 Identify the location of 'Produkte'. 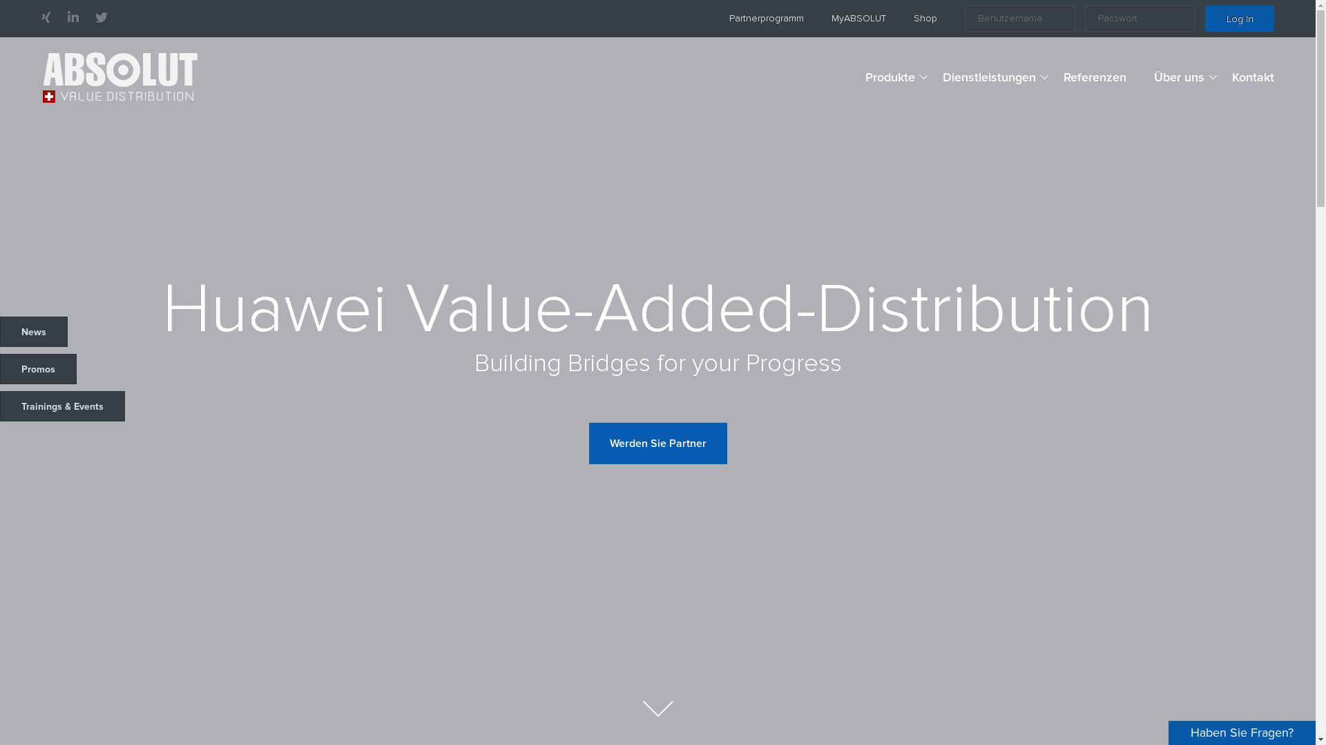
(890, 77).